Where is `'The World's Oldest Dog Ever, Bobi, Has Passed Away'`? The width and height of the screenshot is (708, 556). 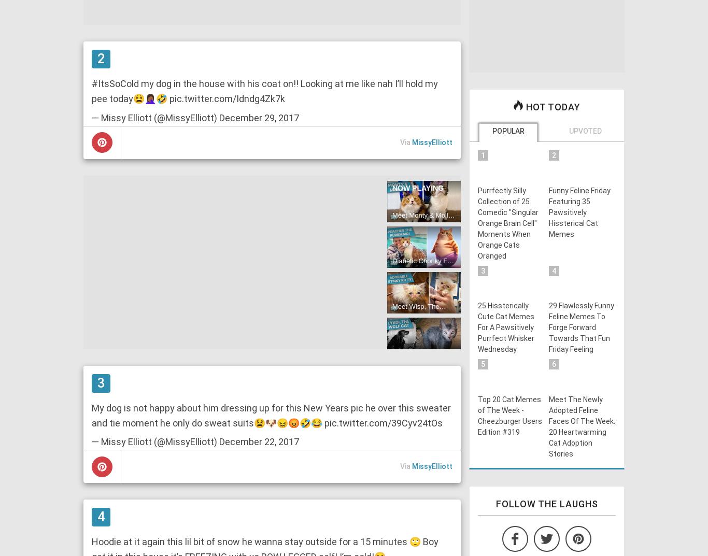
'The World's Oldest Dog Ever, Bobi, Has Passed Away' is located at coordinates (422, 405).